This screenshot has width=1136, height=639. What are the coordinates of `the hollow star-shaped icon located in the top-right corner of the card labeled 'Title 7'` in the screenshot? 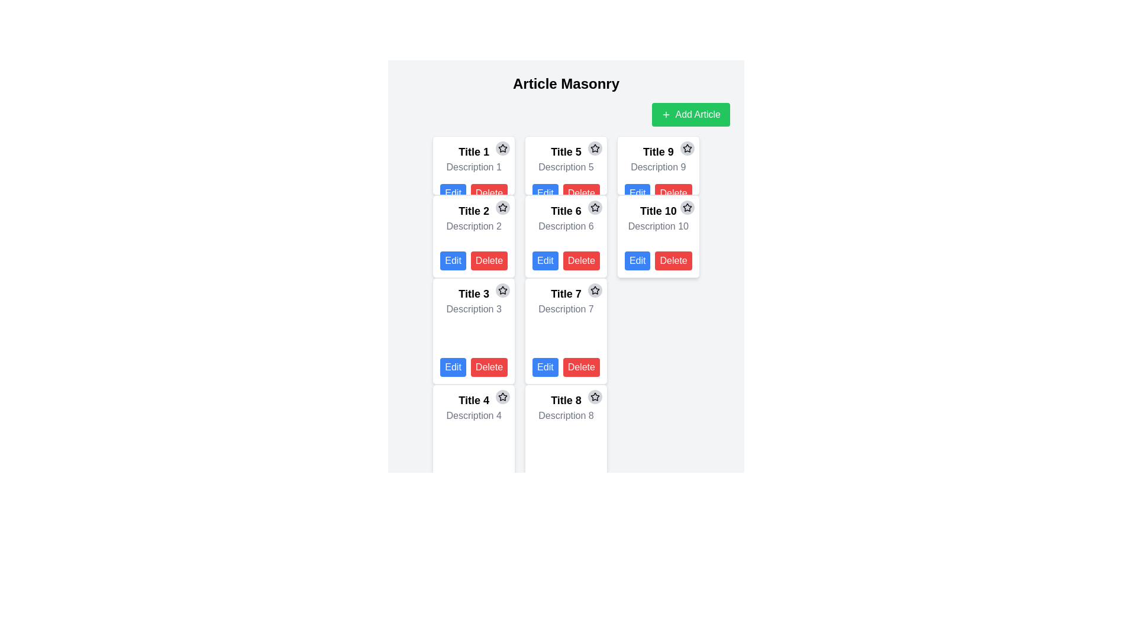 It's located at (595, 290).